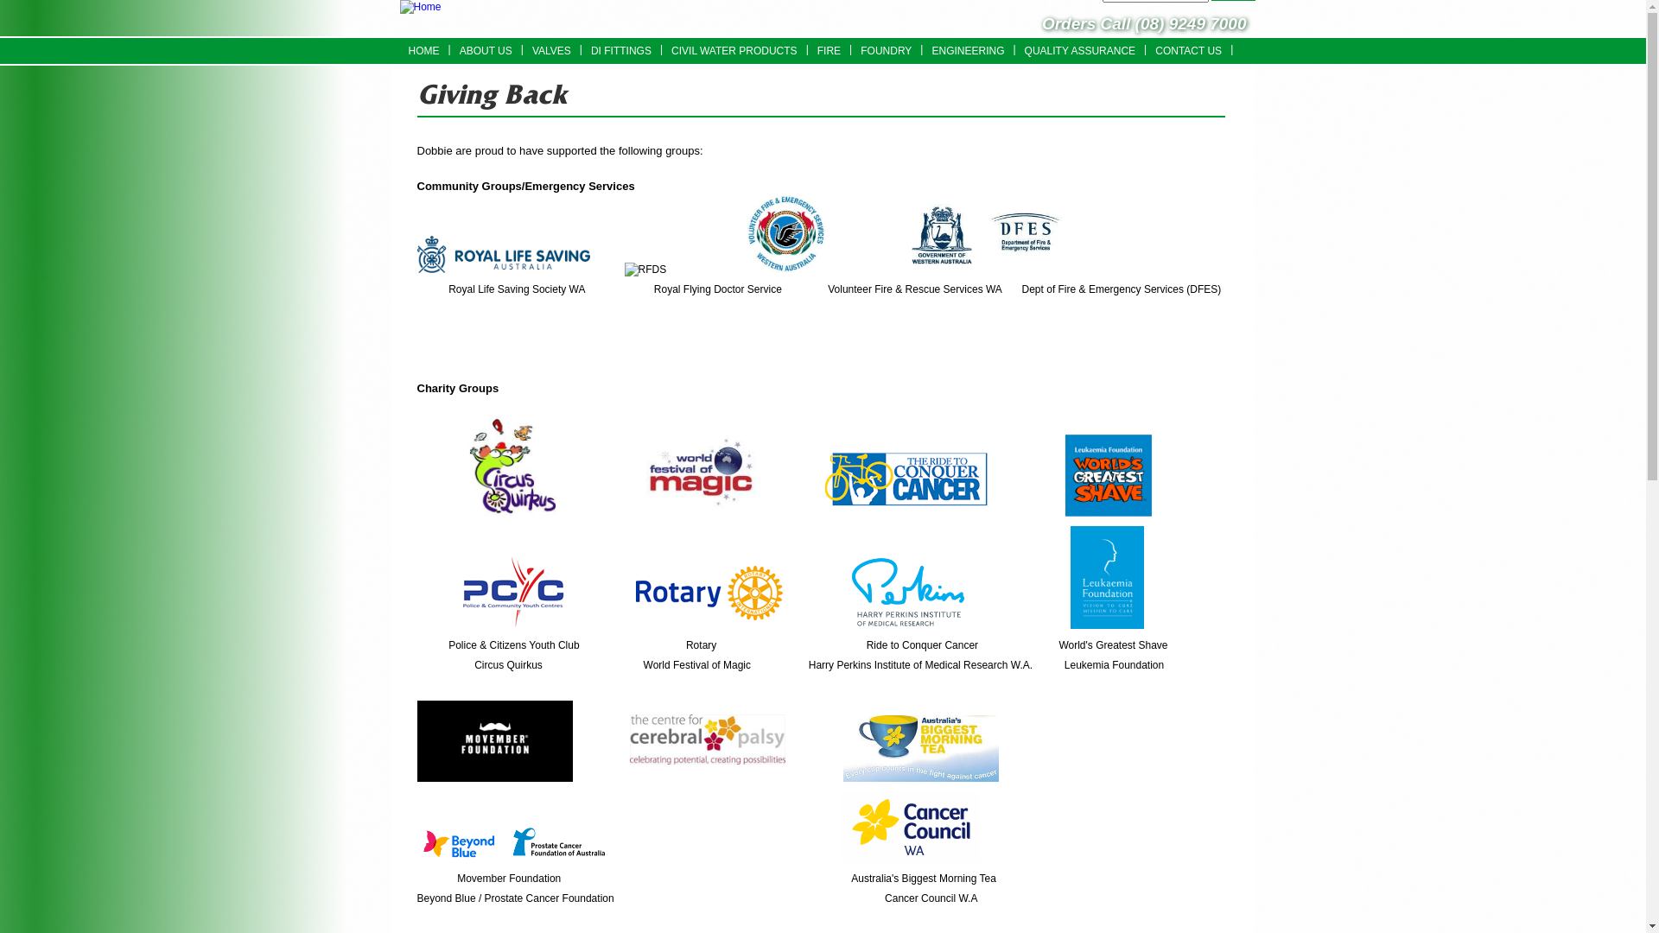  What do you see at coordinates (550, 50) in the screenshot?
I see `'VALVES'` at bounding box center [550, 50].